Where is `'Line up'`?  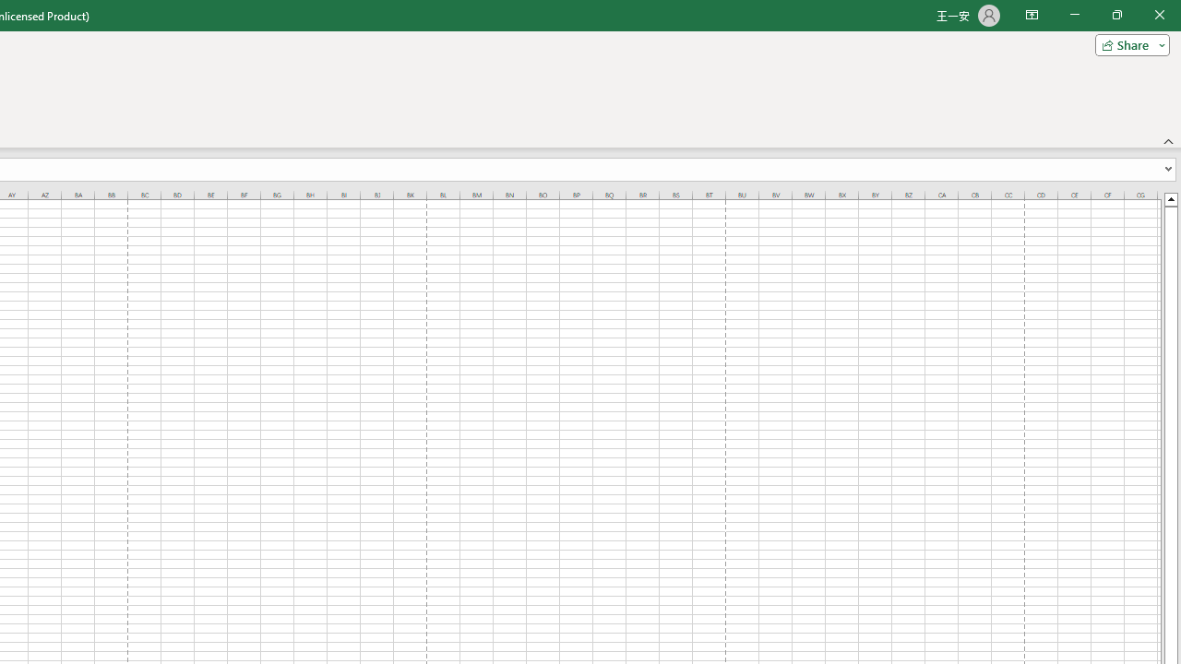 'Line up' is located at coordinates (1170, 198).